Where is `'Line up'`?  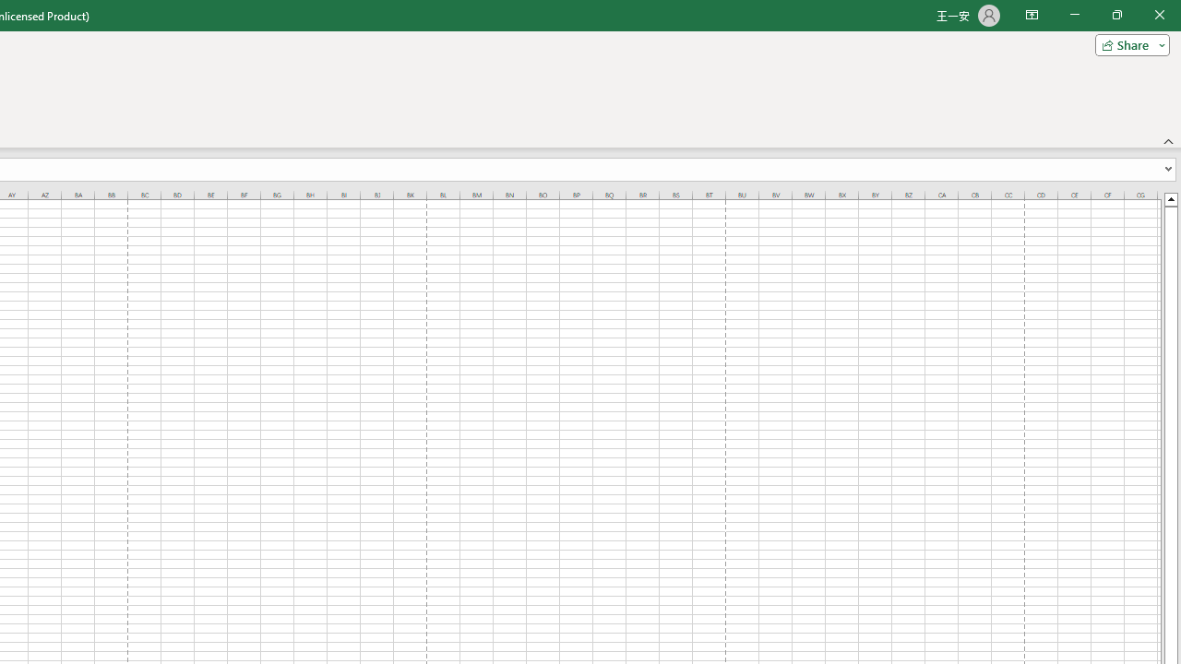 'Line up' is located at coordinates (1170, 198).